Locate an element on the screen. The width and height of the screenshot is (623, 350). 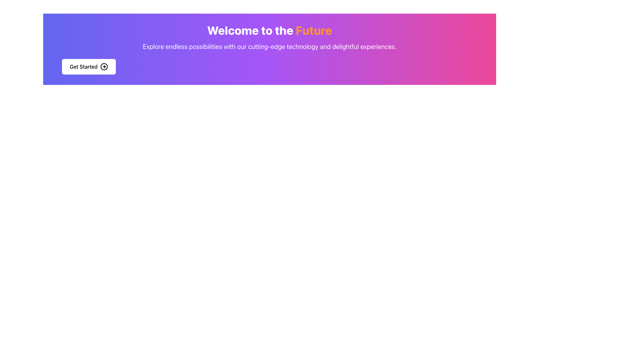
the call-to-action button positioned below the heading and subtitle to trigger hover effects is located at coordinates (88, 66).